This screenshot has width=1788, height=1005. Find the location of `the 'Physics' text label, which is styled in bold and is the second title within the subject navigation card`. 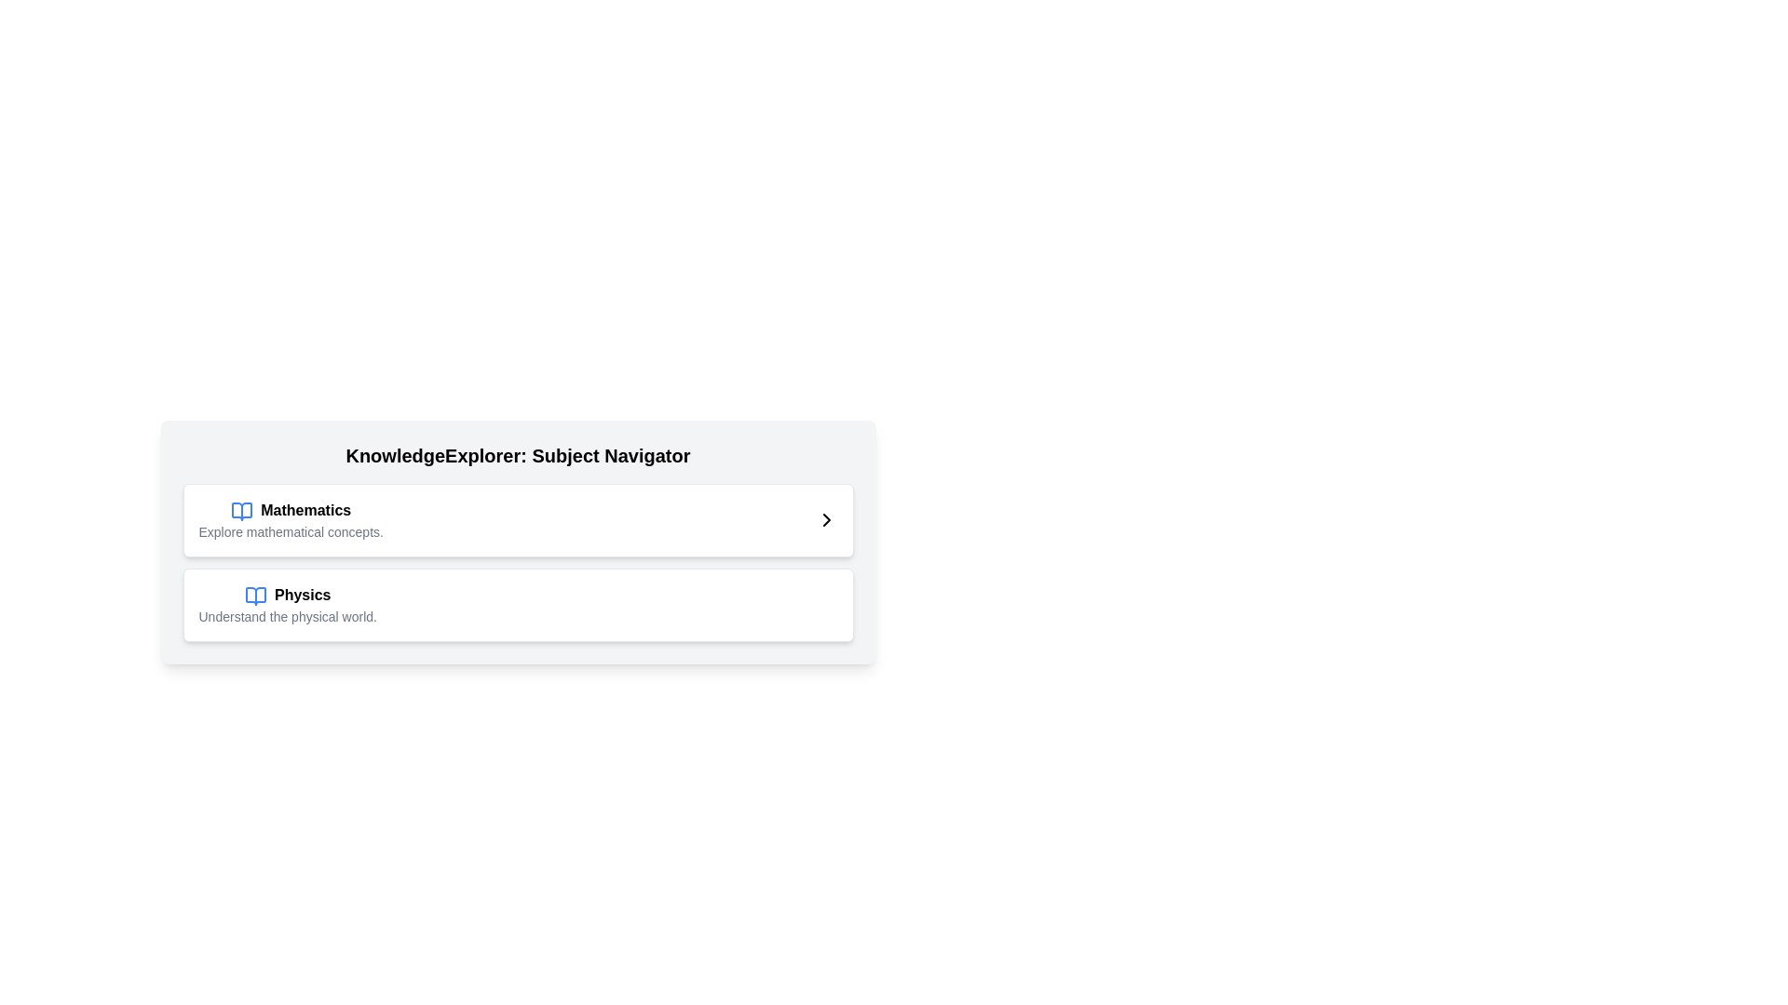

the 'Physics' text label, which is styled in bold and is the second title within the subject navigation card is located at coordinates (303, 595).